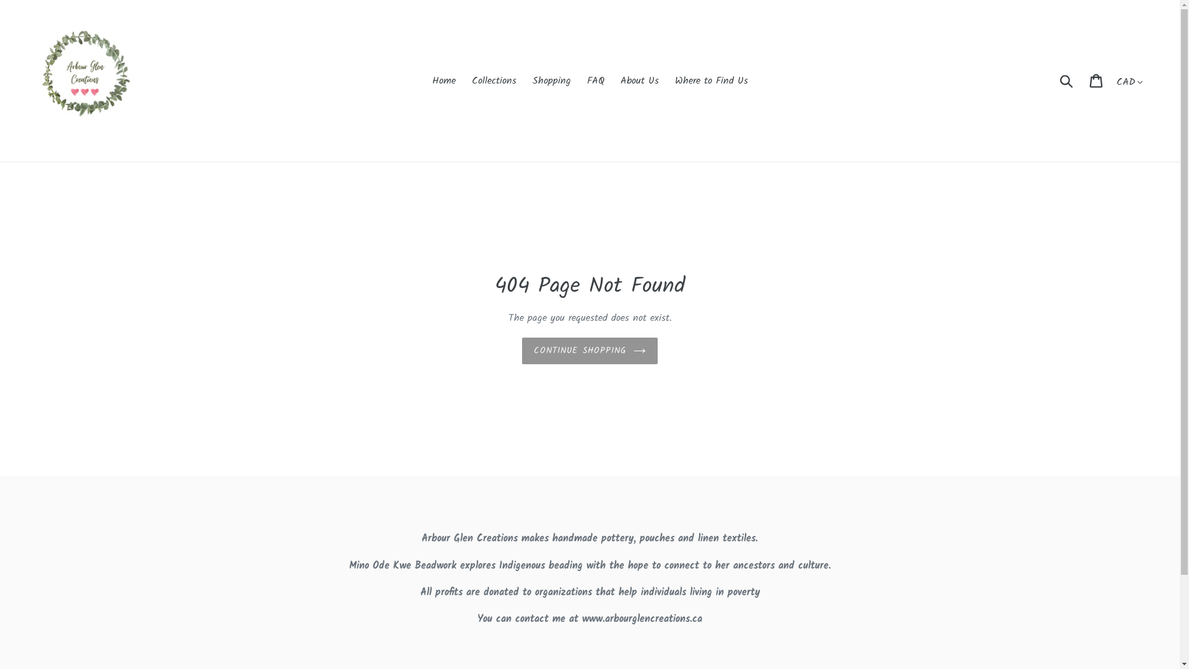 This screenshot has width=1189, height=669. I want to click on 'Collections', so click(493, 81).